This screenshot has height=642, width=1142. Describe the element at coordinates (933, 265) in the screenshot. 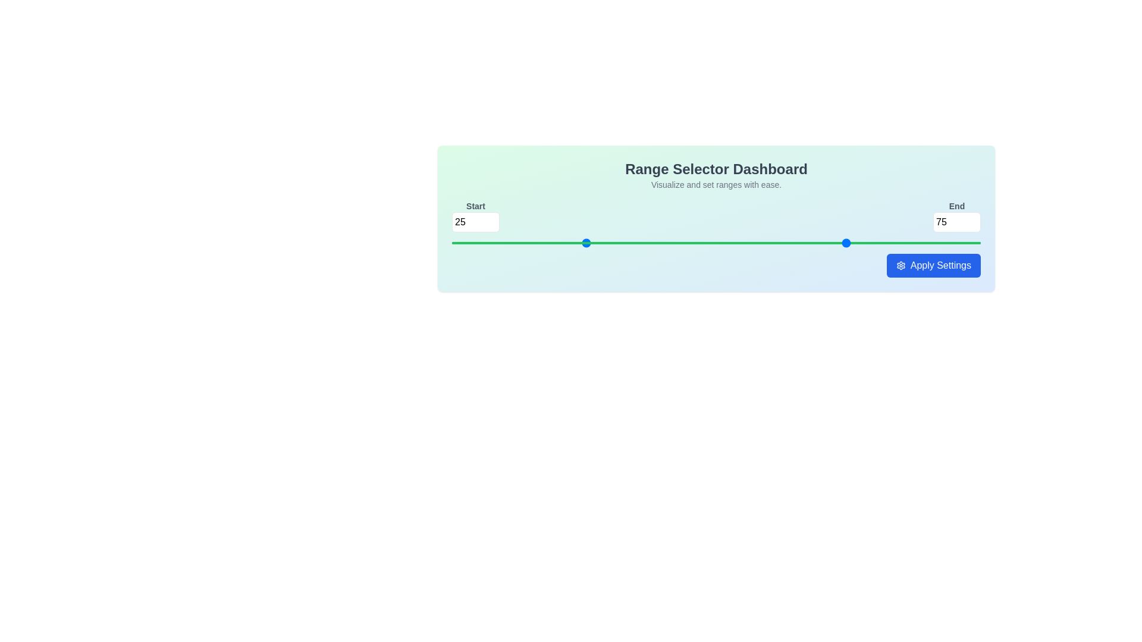

I see `the 'Apply Settings' button, which features a blue background, rounded corners, and the text 'Apply Settings' in white with a gear icon on the left, located at the bottom-right corner of its section` at that location.